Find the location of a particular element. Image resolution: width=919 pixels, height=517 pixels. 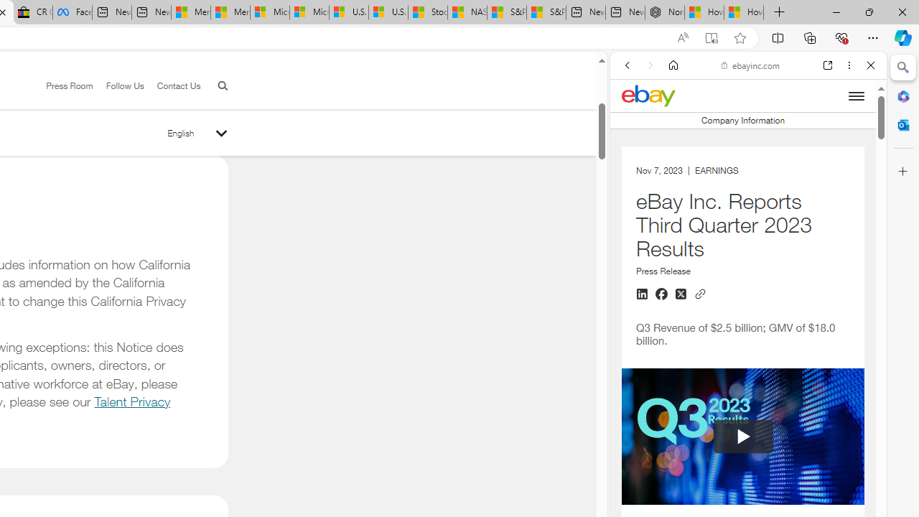

'How to Use a Monitor With Your Closed Laptop' is located at coordinates (744, 12).